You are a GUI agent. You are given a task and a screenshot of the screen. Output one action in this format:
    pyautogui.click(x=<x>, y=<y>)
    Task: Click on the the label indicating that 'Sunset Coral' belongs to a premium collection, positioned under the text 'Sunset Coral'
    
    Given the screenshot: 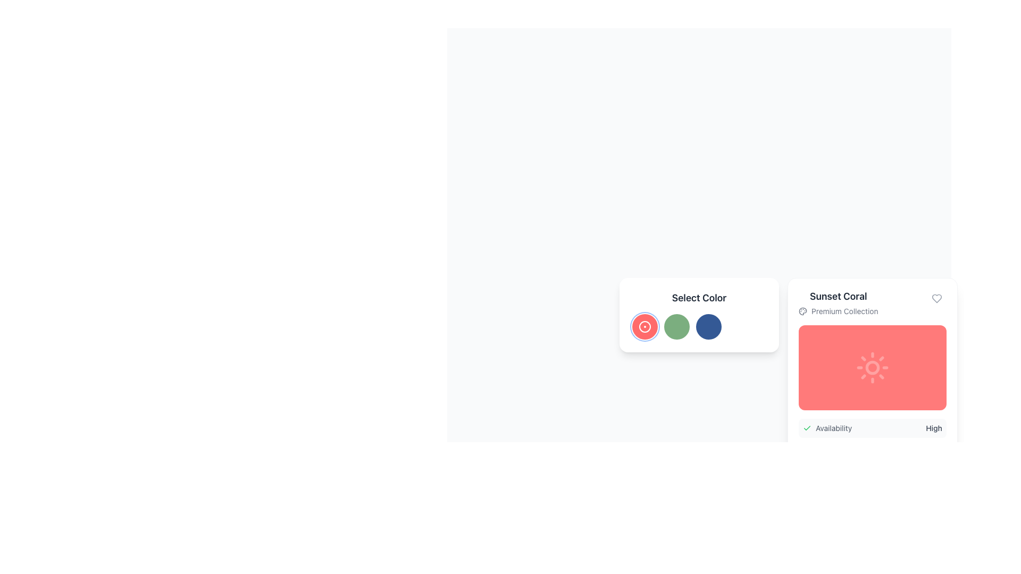 What is the action you would take?
    pyautogui.click(x=838, y=311)
    